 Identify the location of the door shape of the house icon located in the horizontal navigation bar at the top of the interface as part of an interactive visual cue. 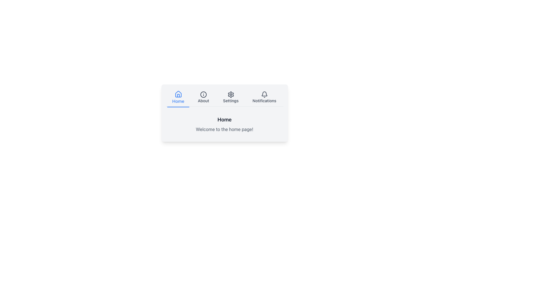
(178, 95).